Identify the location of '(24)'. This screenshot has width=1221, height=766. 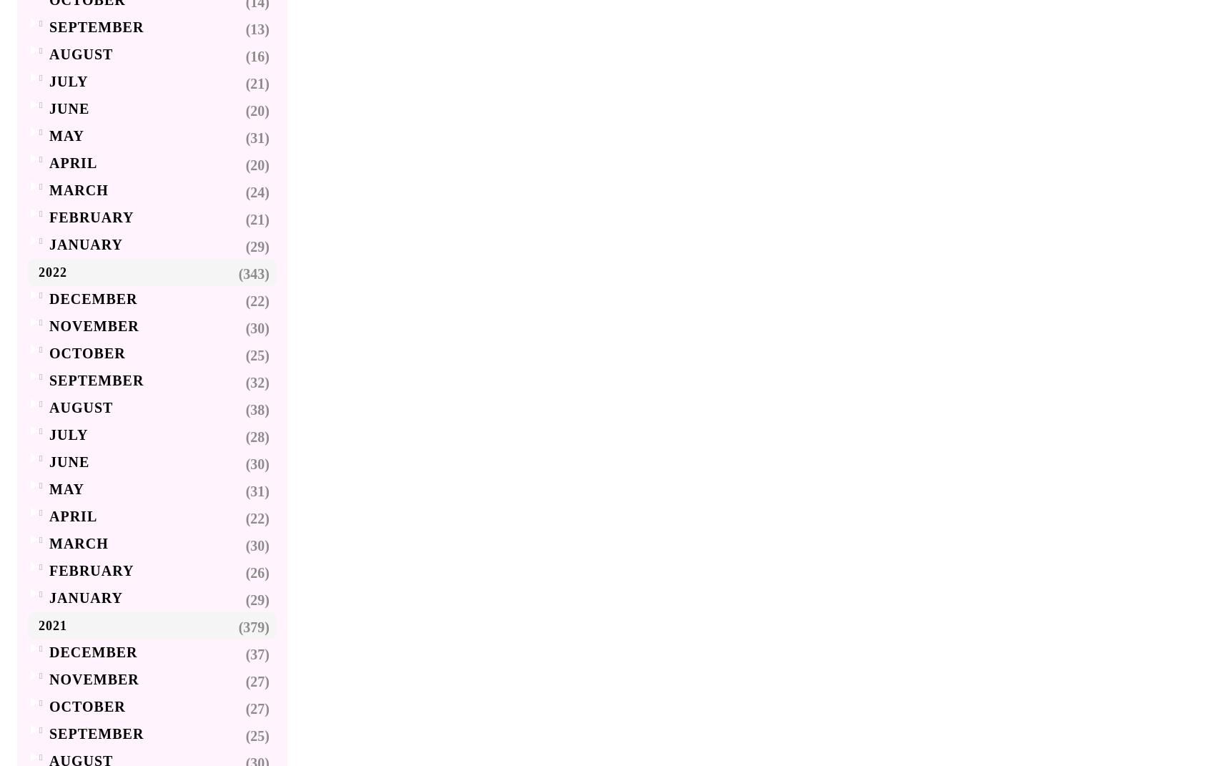
(257, 192).